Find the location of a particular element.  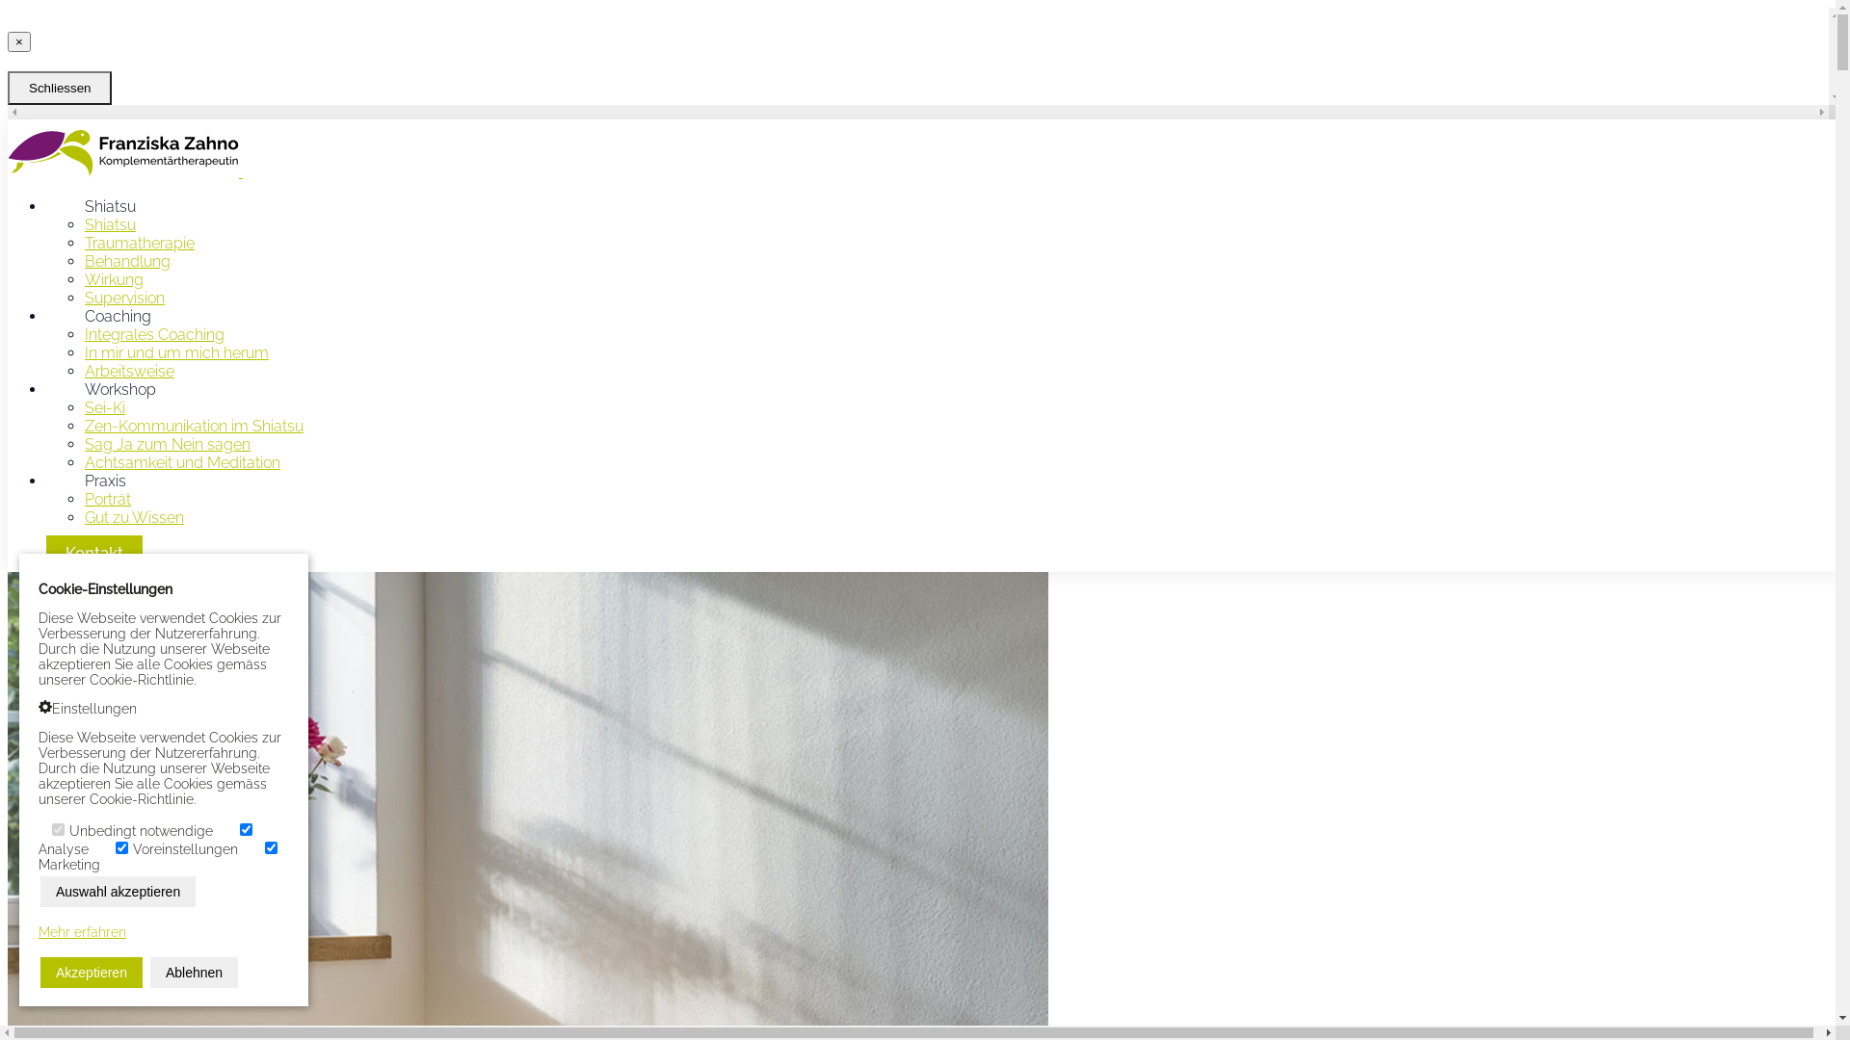

'Zen-Kommunikation im Shiatsu' is located at coordinates (194, 425).